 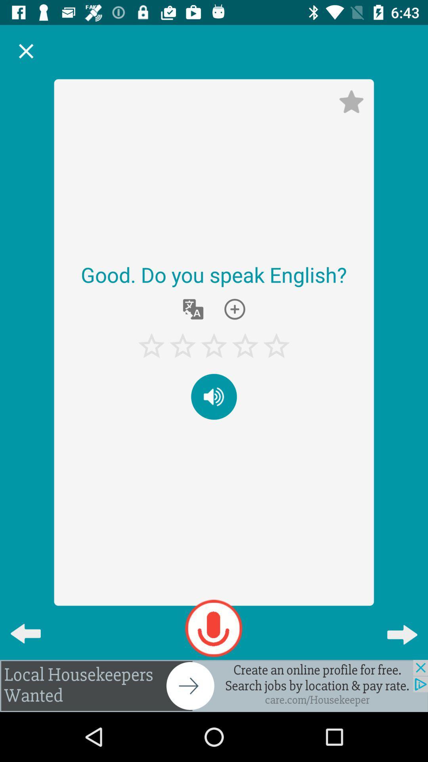 I want to click on the add icon, so click(x=234, y=309).